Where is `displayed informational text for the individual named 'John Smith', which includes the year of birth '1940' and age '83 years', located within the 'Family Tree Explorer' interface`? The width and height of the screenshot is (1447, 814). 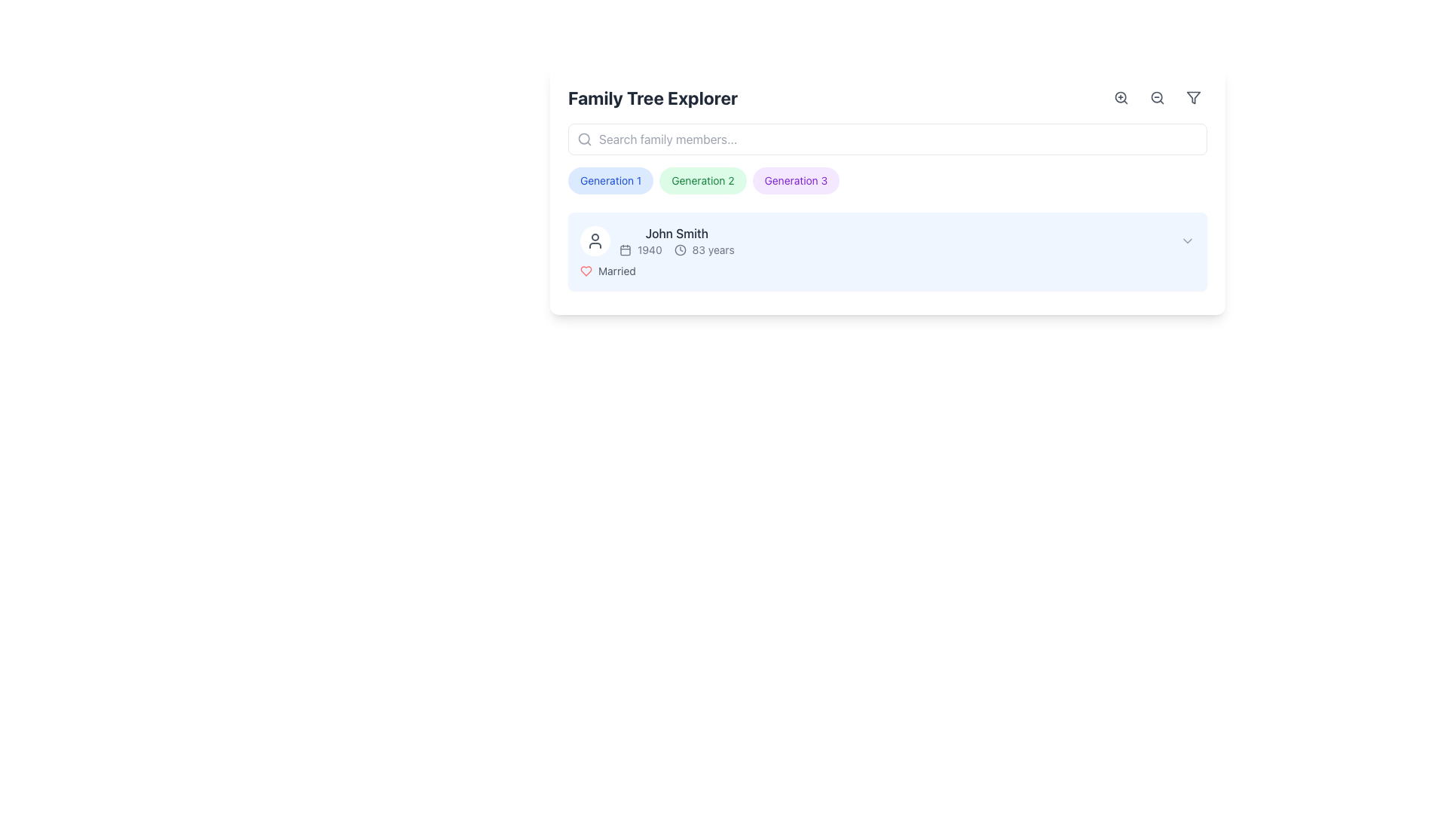
displayed informational text for the individual named 'John Smith', which includes the year of birth '1940' and age '83 years', located within the 'Family Tree Explorer' interface is located at coordinates (676, 240).